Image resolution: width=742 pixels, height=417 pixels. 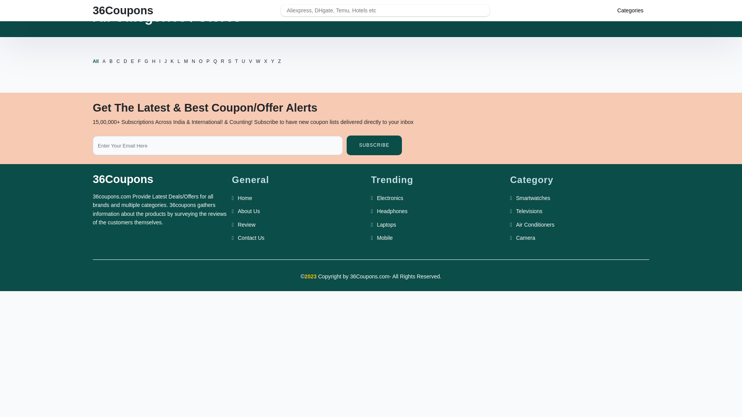 I want to click on '36Coupons', so click(x=123, y=10).